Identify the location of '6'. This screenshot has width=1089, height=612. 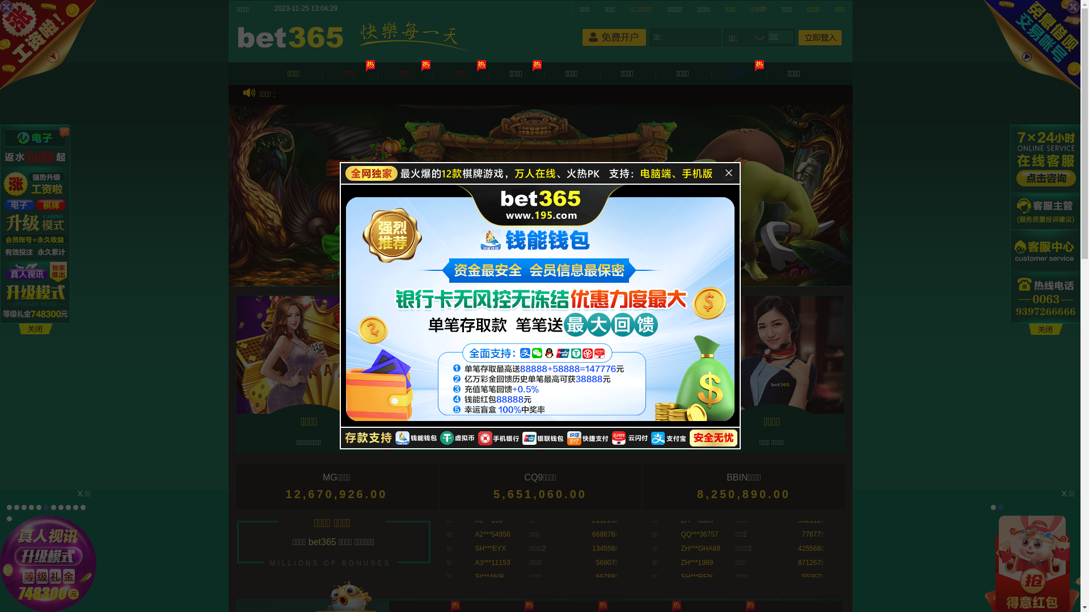
(43, 507).